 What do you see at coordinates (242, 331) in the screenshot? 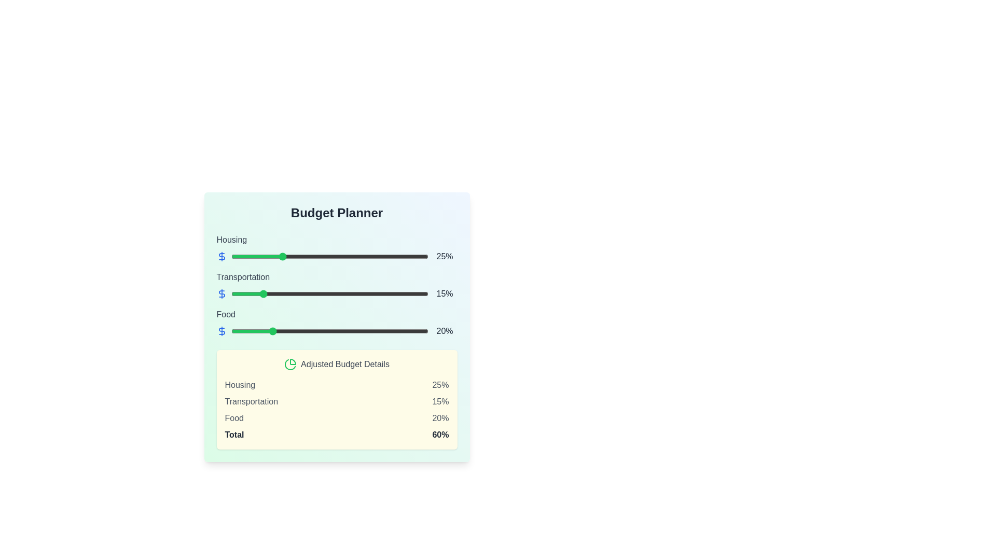
I see `the slider value` at bounding box center [242, 331].